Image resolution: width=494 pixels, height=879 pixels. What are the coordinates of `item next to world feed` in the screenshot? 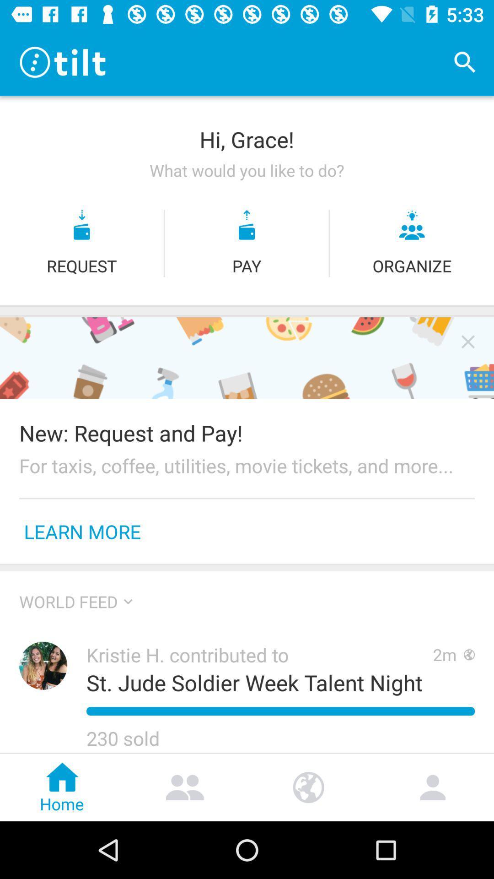 It's located at (128, 602).